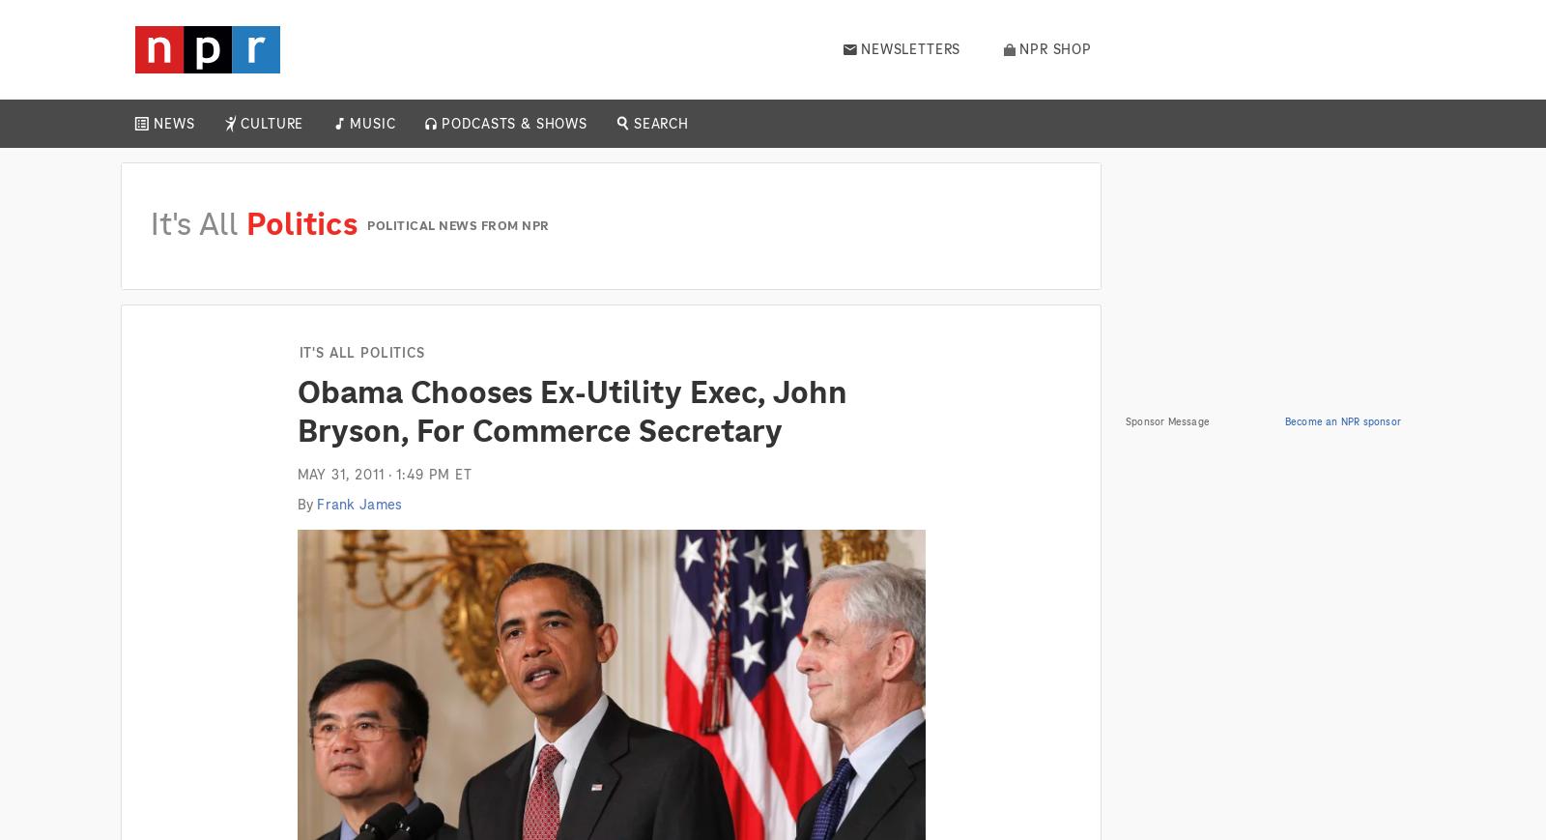 The height and width of the screenshot is (840, 1546). Describe the element at coordinates (457, 224) in the screenshot. I see `'Political News From NPR'` at that location.